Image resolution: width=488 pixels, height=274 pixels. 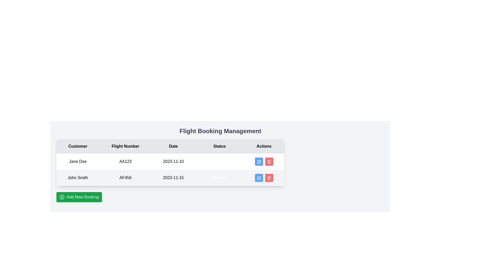 What do you see at coordinates (170, 146) in the screenshot?
I see `text of the 'Date' row header in the table under 'Flight Booking Management'` at bounding box center [170, 146].